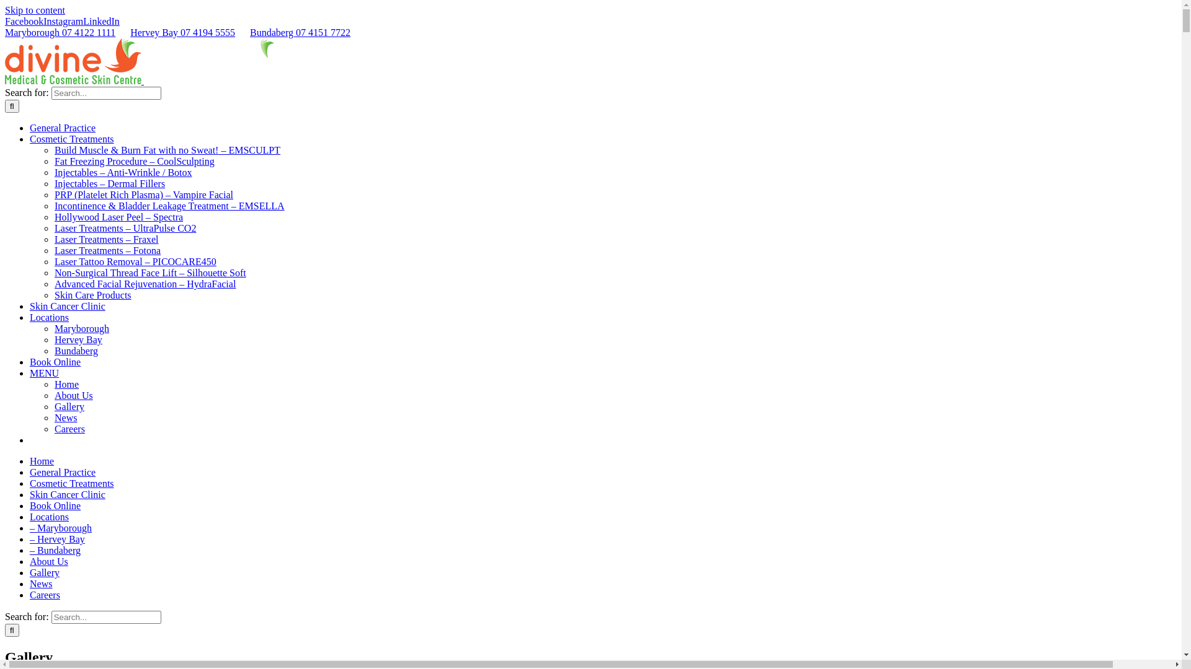  I want to click on 'Skin Care Products', so click(92, 295).